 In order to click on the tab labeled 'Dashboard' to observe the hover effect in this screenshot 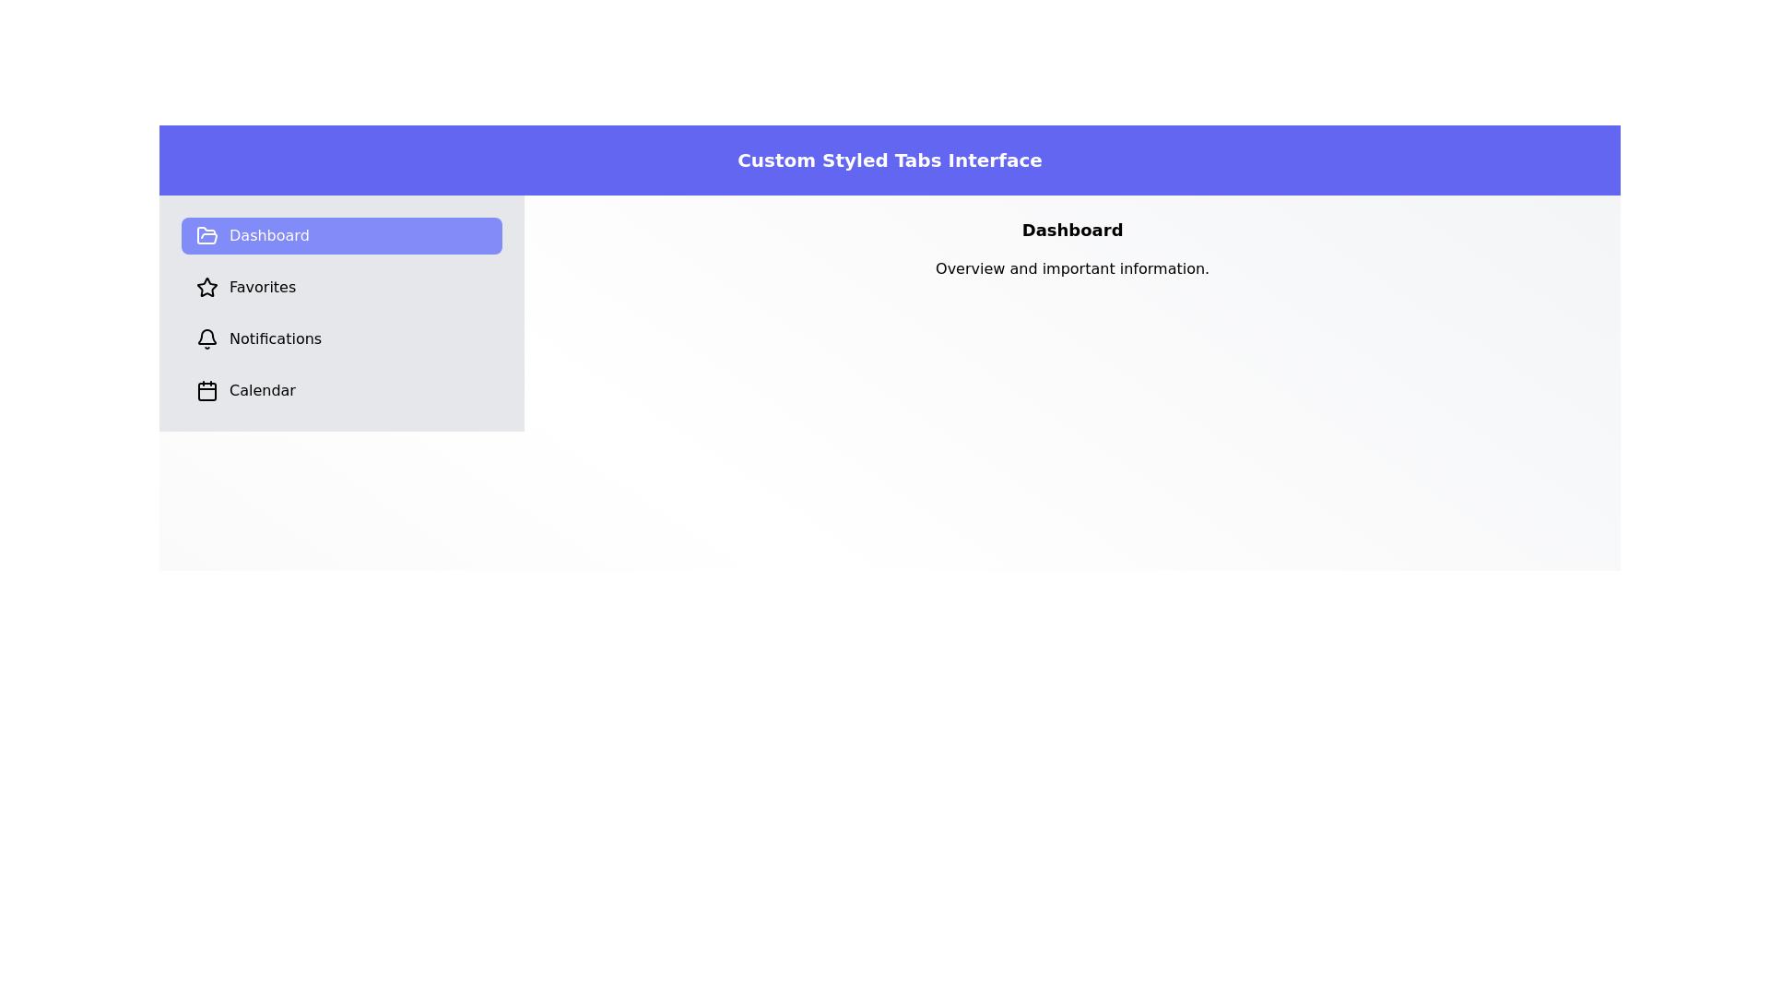, I will do `click(342, 234)`.